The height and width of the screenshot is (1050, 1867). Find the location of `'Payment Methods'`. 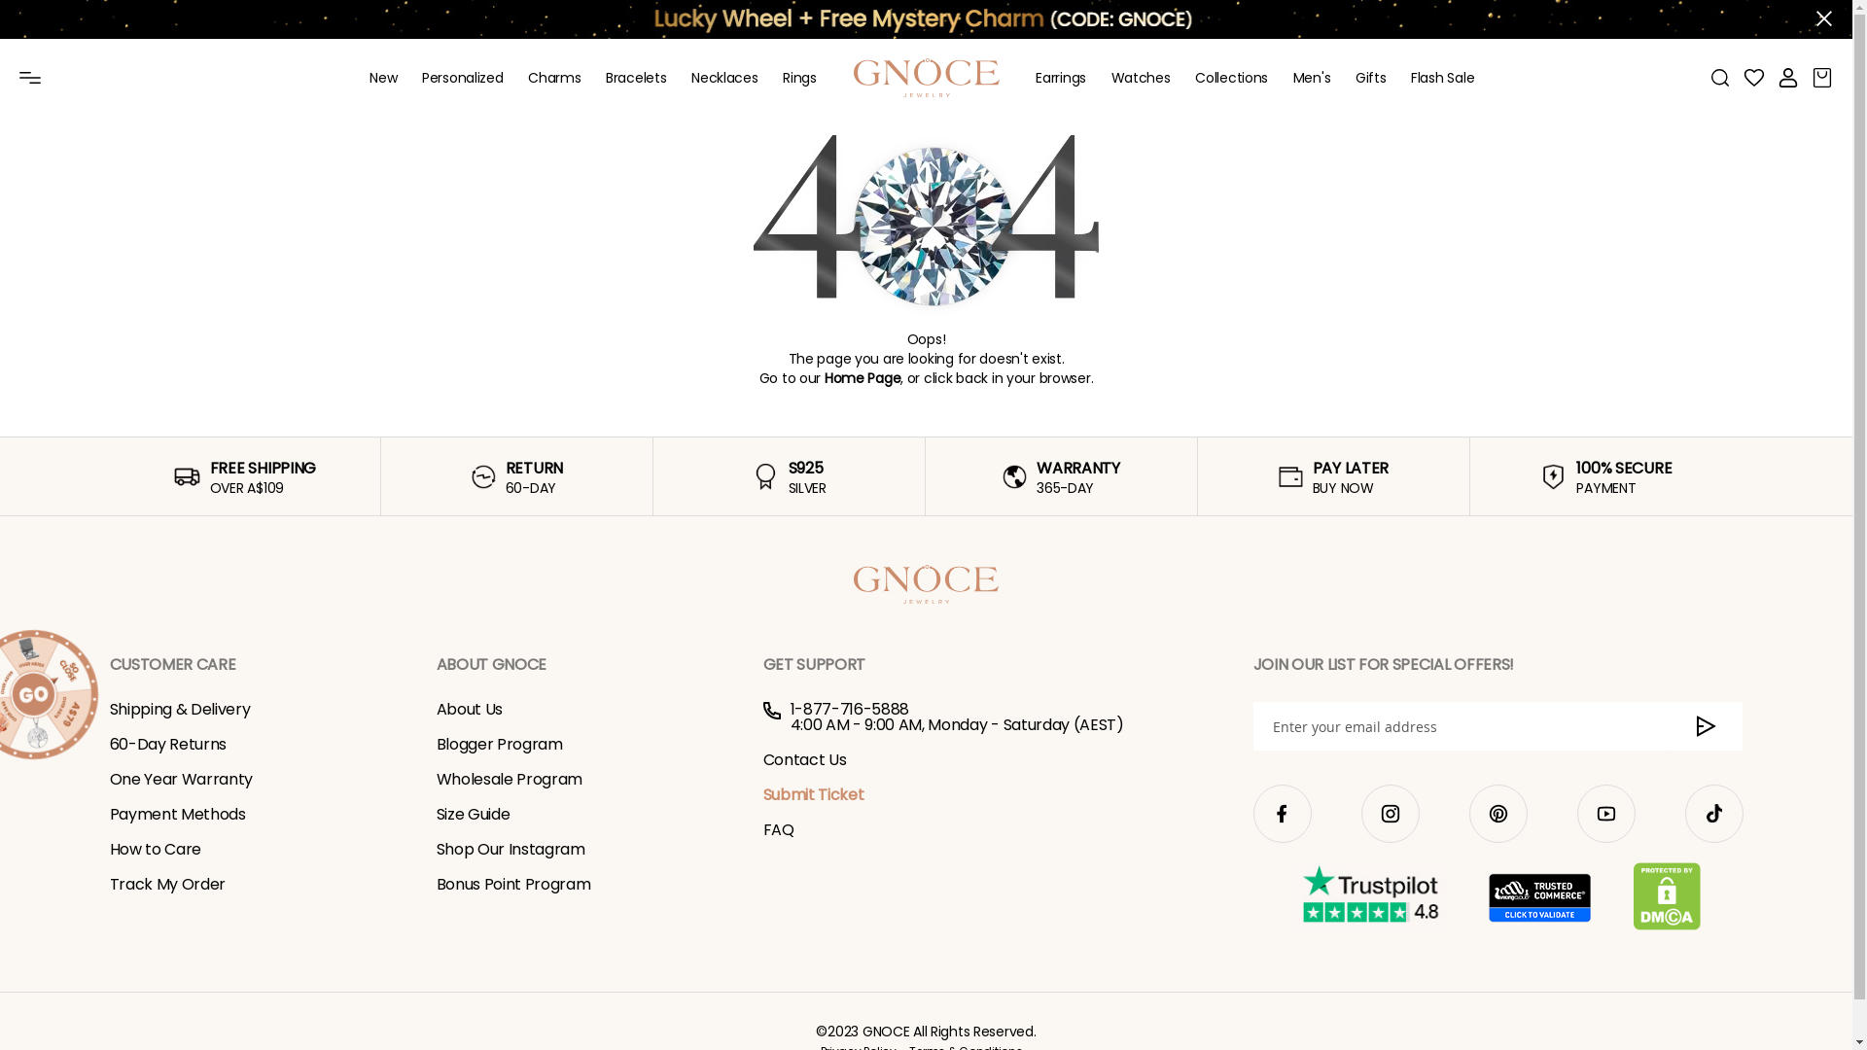

'Payment Methods' is located at coordinates (177, 814).